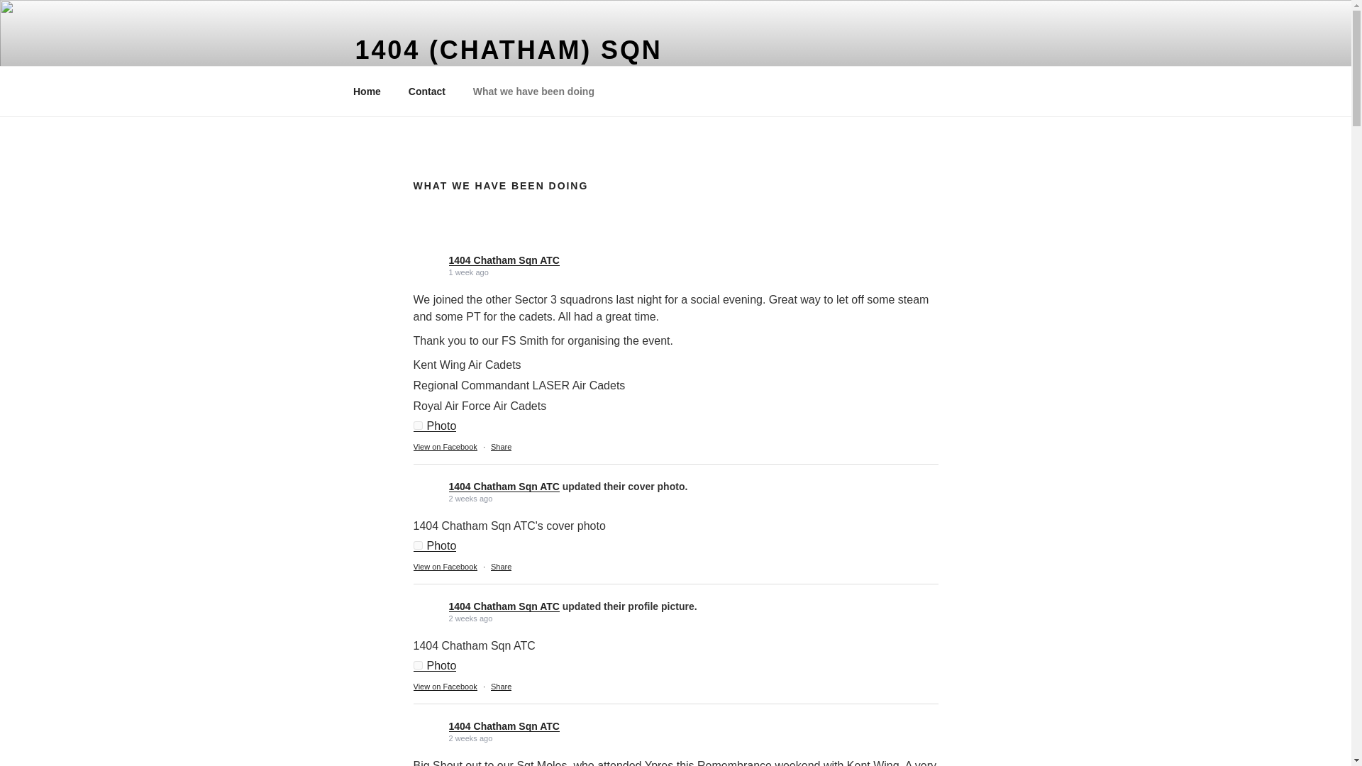 The width and height of the screenshot is (1362, 766). I want to click on '1404 Chatham Sqn ATC', so click(504, 260).